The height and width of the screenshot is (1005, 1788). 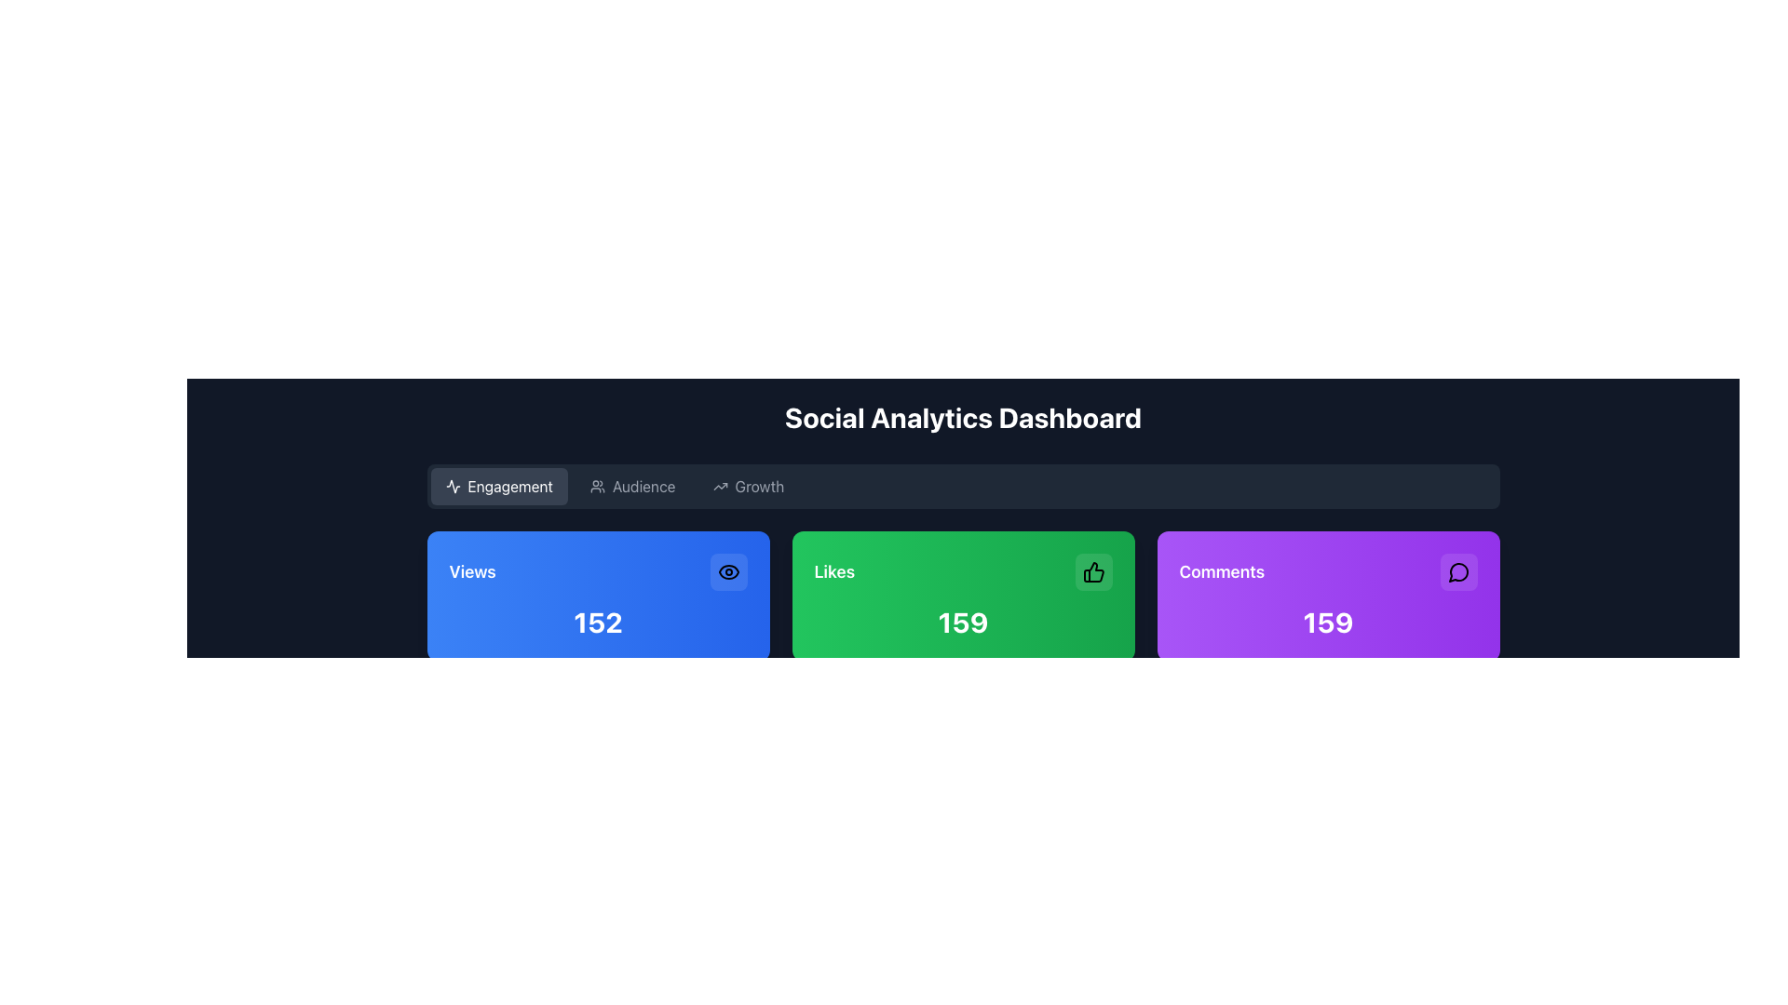 I want to click on to reorder the tabs in the navigation bar located below the title 'Social Analytics Dashboard', so click(x=963, y=486).